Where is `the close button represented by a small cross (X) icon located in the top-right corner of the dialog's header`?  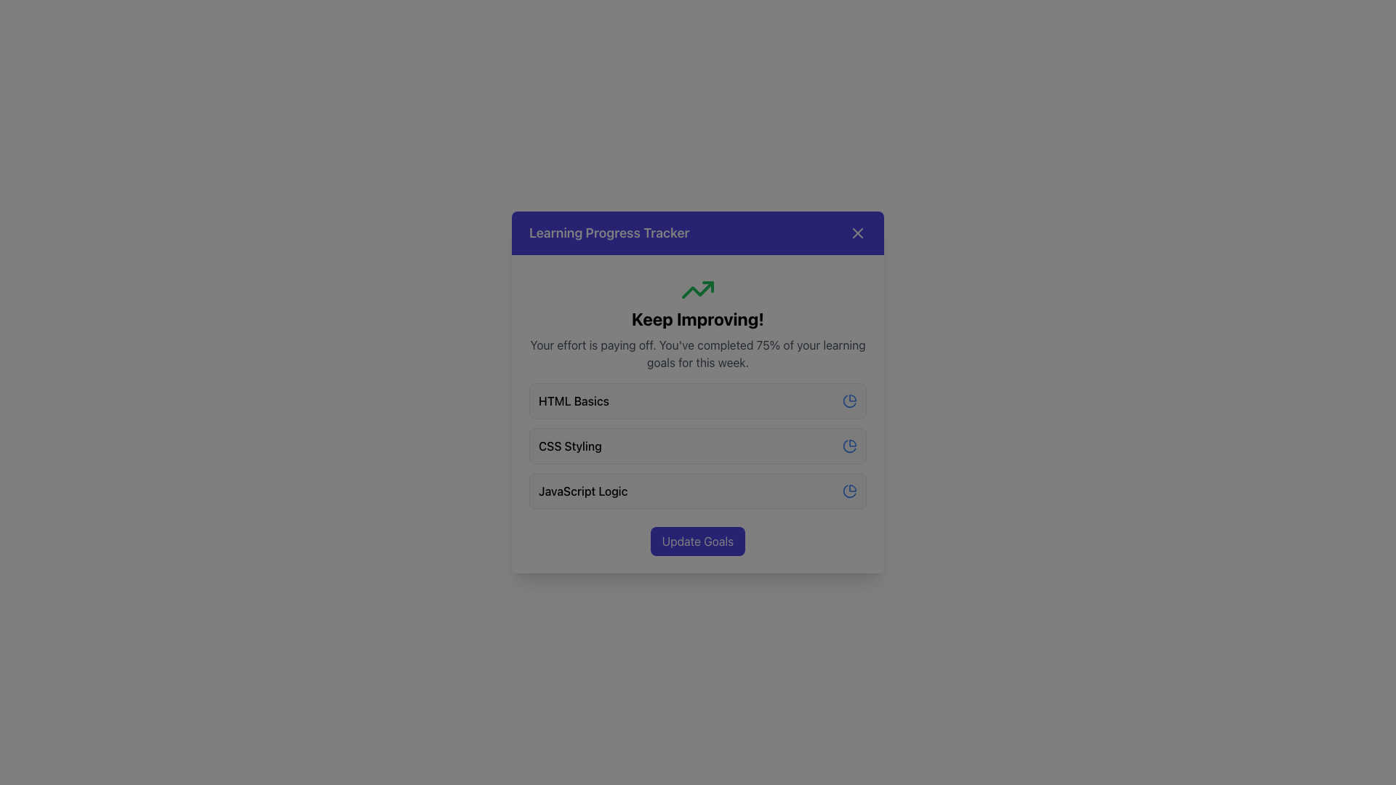
the close button represented by a small cross (X) icon located in the top-right corner of the dialog's header is located at coordinates (858, 232).